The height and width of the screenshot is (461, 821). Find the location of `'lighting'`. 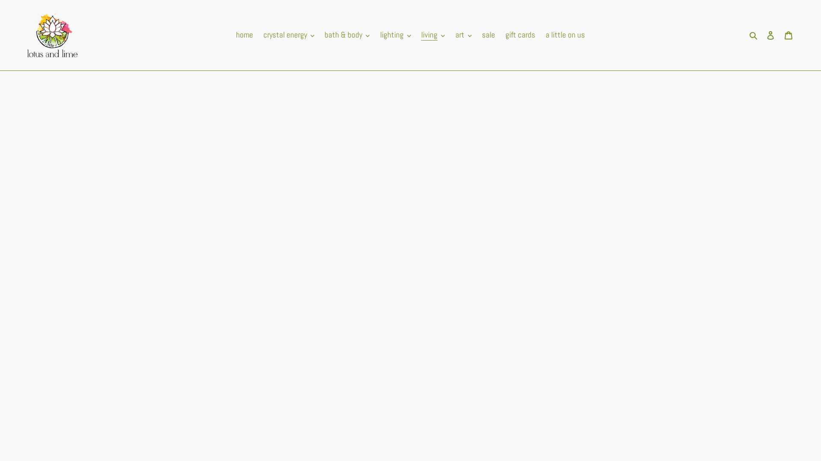

'lighting' is located at coordinates (395, 35).